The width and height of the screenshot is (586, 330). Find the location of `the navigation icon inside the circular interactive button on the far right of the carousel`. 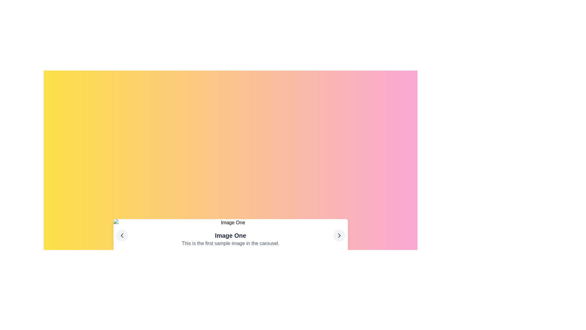

the navigation icon inside the circular interactive button on the far right of the carousel is located at coordinates (339, 235).